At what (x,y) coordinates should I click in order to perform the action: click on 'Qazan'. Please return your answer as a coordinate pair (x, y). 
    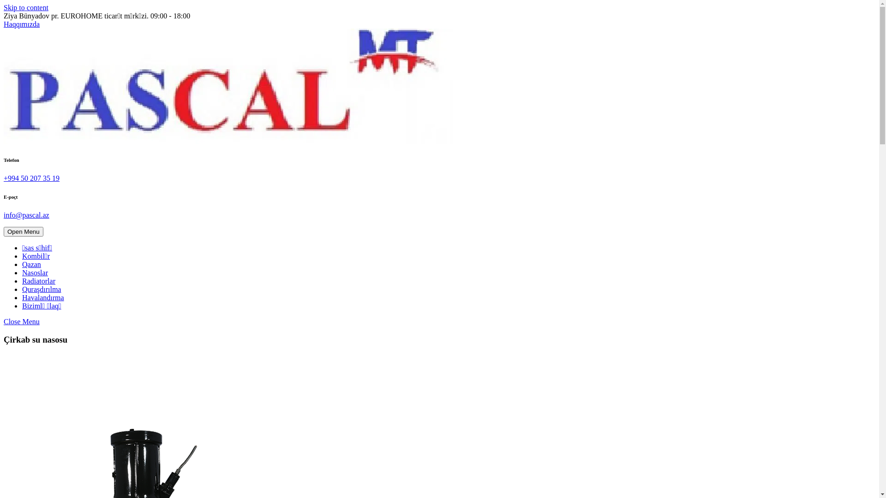
    Looking at the image, I should click on (22, 264).